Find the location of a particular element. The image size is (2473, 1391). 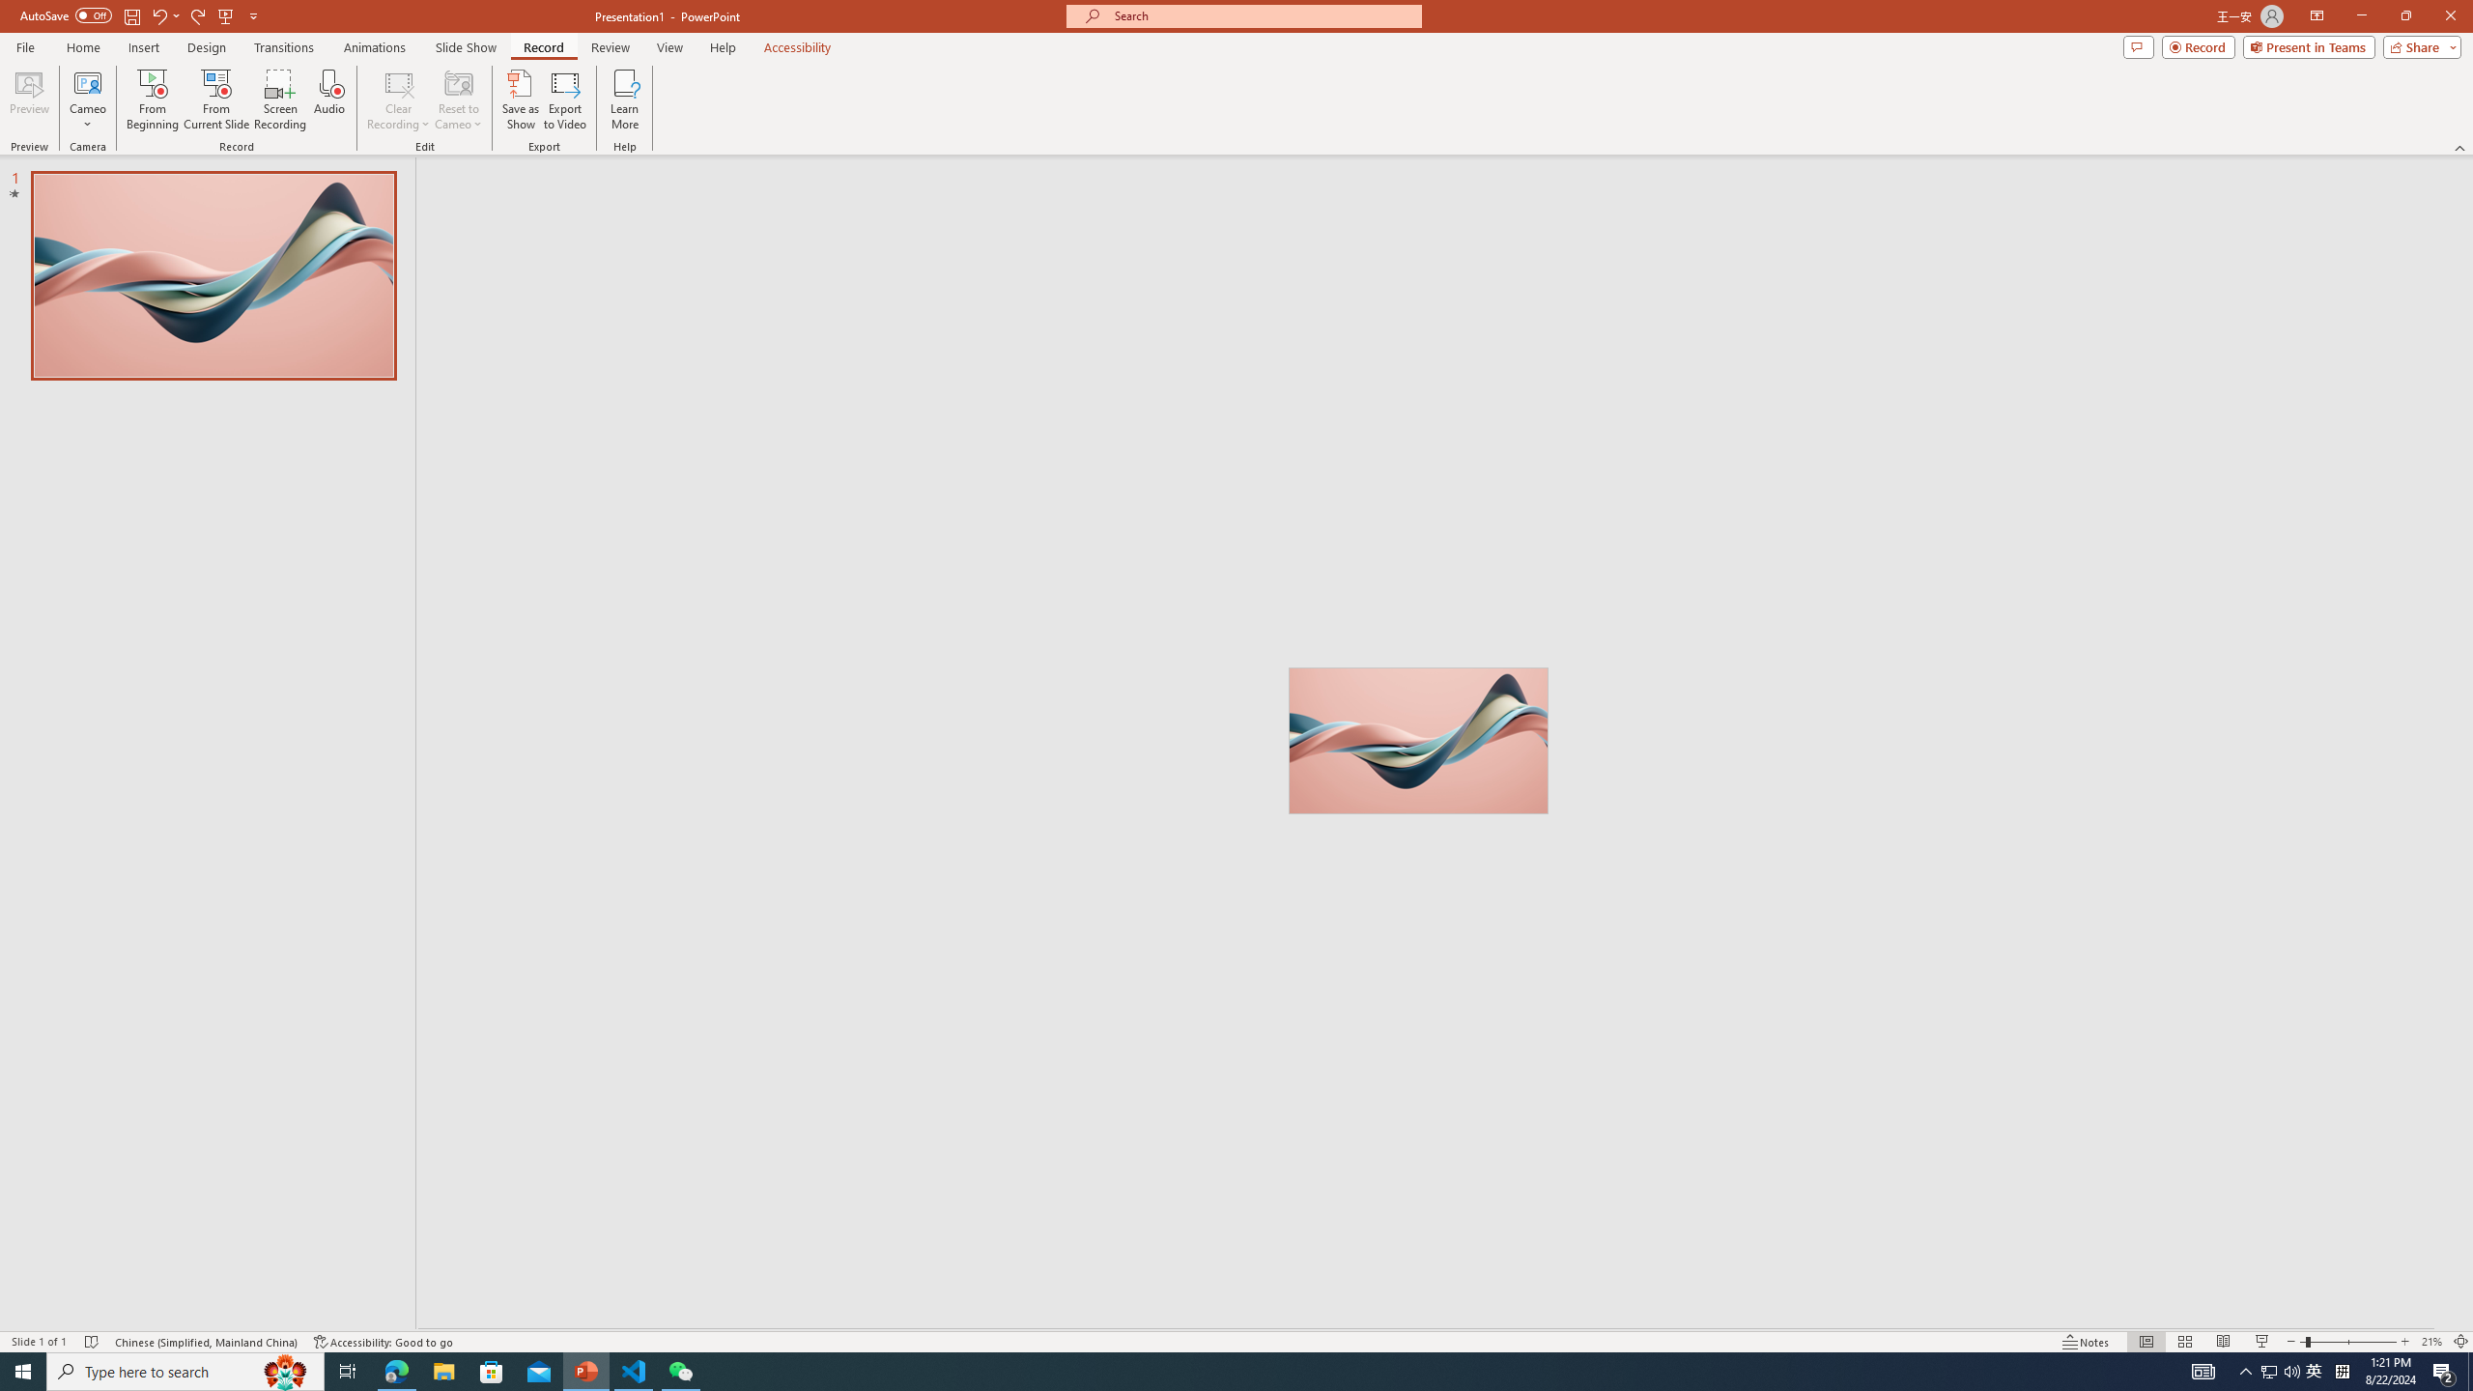

'From Beginning...' is located at coordinates (151, 99).